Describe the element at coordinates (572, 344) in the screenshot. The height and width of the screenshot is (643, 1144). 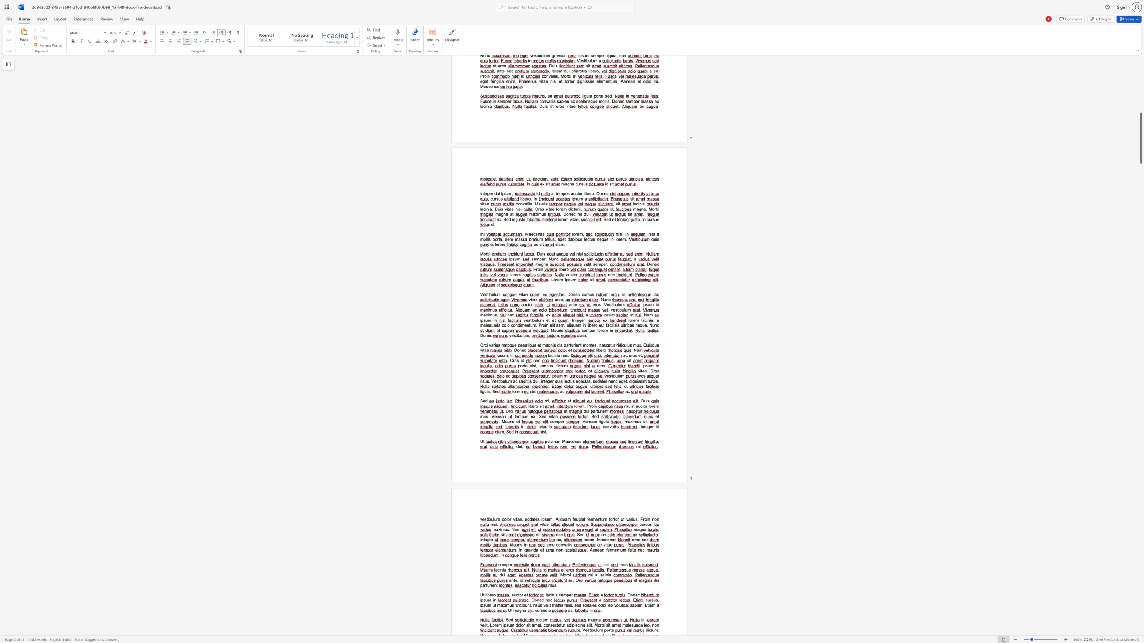
I see `the 1th character "u" in the text` at that location.